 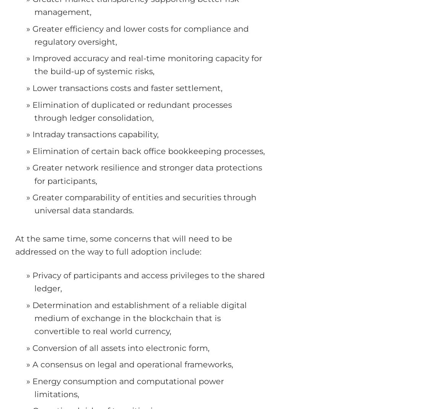 I want to click on 'Improved accuracy and real-time monitoring capacity for the build-up of systemic risks,', so click(x=147, y=65).